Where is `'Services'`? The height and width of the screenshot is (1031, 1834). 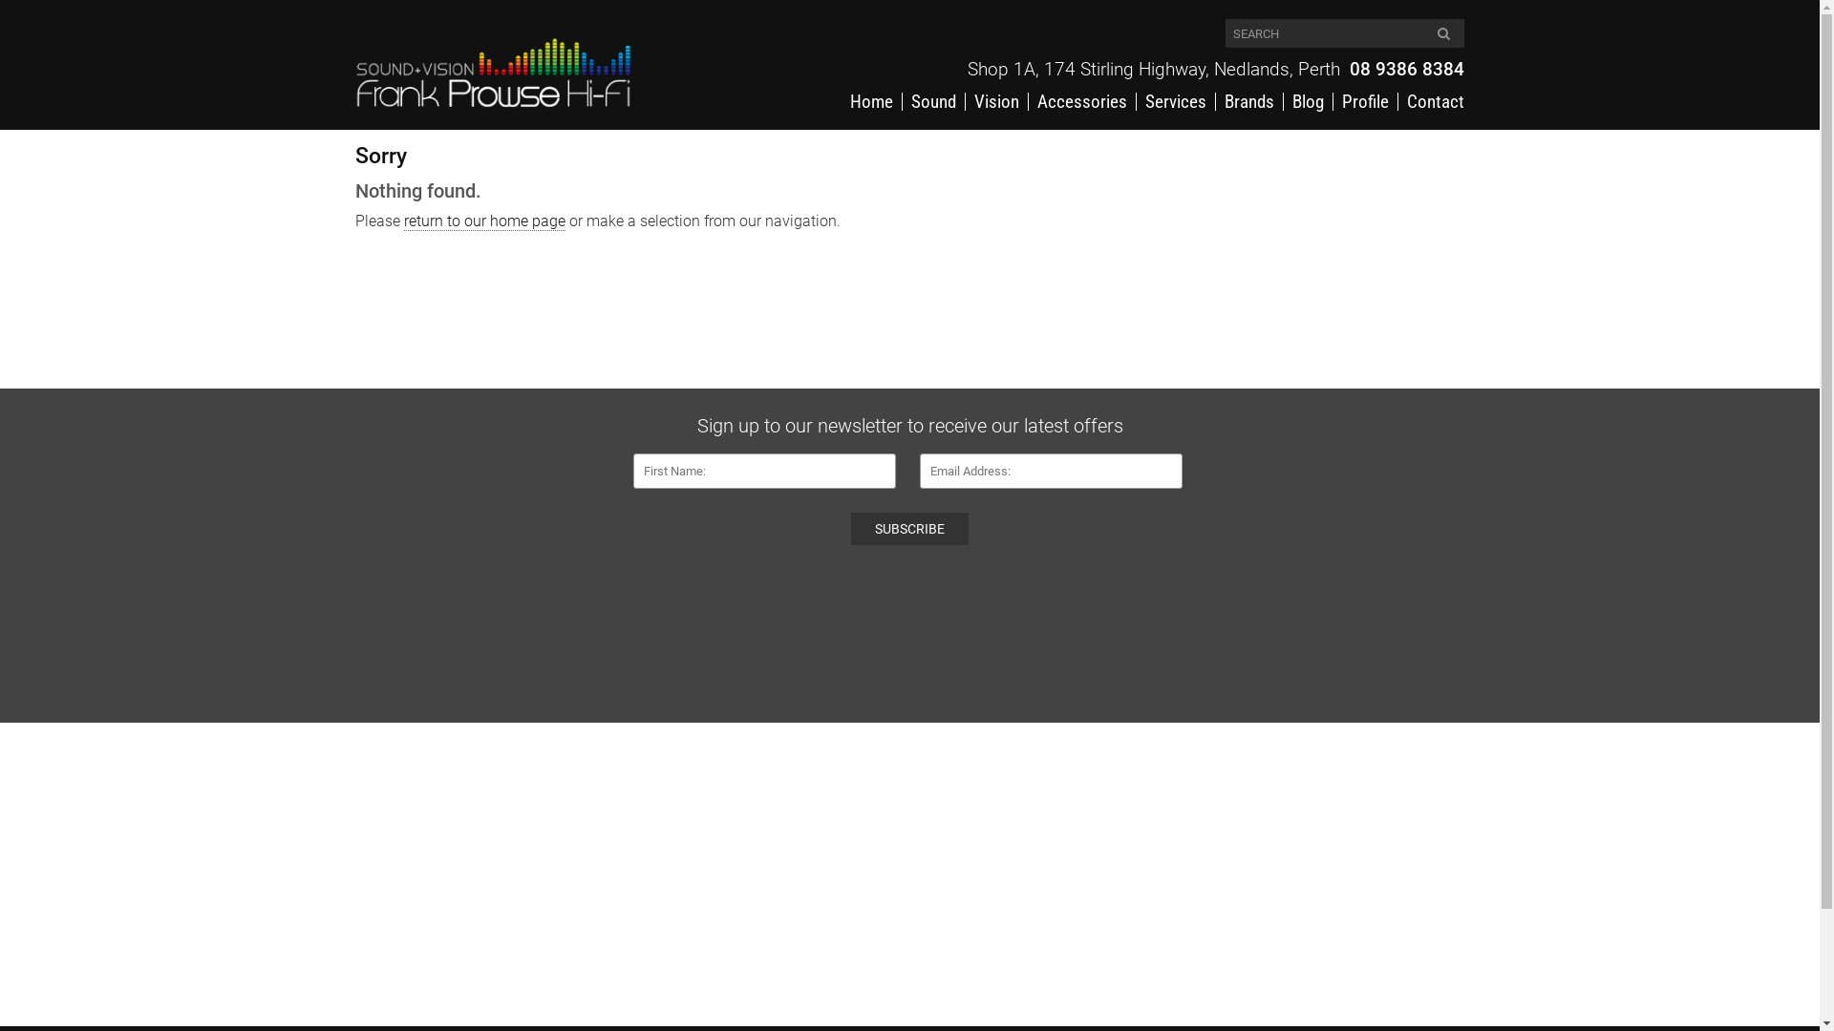
'Services' is located at coordinates (1174, 101).